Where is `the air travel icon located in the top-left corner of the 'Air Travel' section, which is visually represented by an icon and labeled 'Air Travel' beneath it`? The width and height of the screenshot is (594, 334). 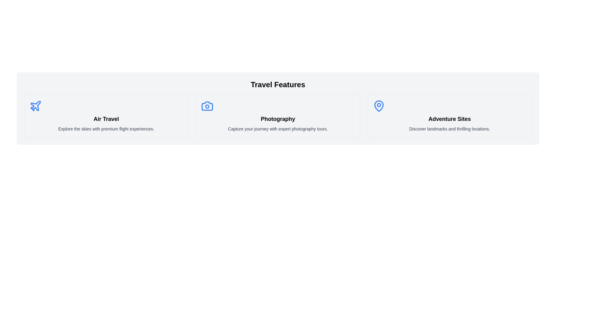 the air travel icon located in the top-left corner of the 'Air Travel' section, which is visually represented by an icon and labeled 'Air Travel' beneath it is located at coordinates (35, 105).